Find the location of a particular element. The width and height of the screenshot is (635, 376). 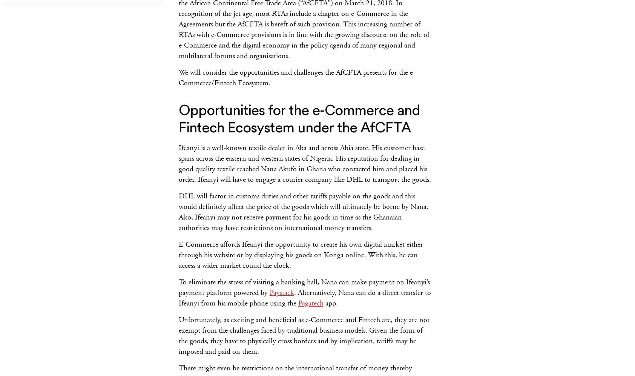

'DHL will factor in customs duties and other tariffs payable on the goods and this would definitely affect the price of the goods which will ultimately be borne by Nana. Also, Ifeanyi may not receive payment for his goods in time as the Ghanaian authorities may have restrictions on international money transfers.' is located at coordinates (303, 212).